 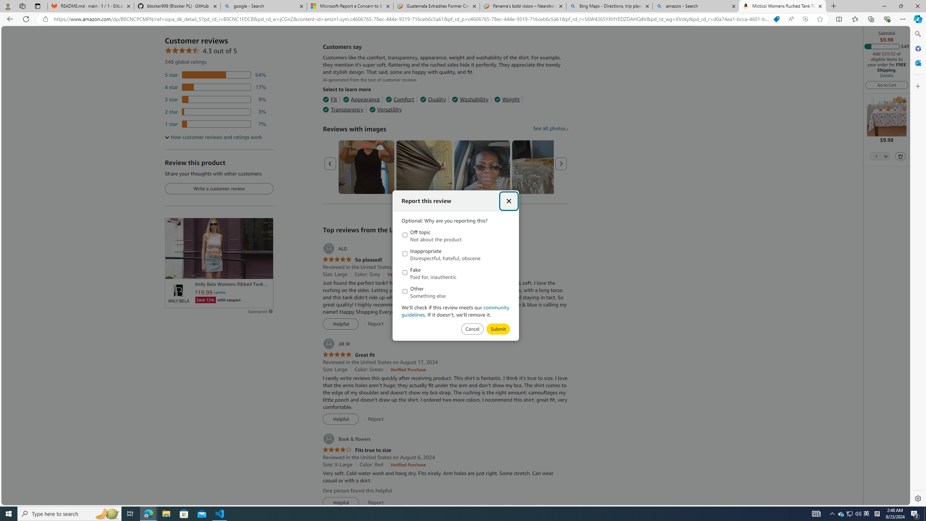 I want to click on 'Fit', so click(x=329, y=99).